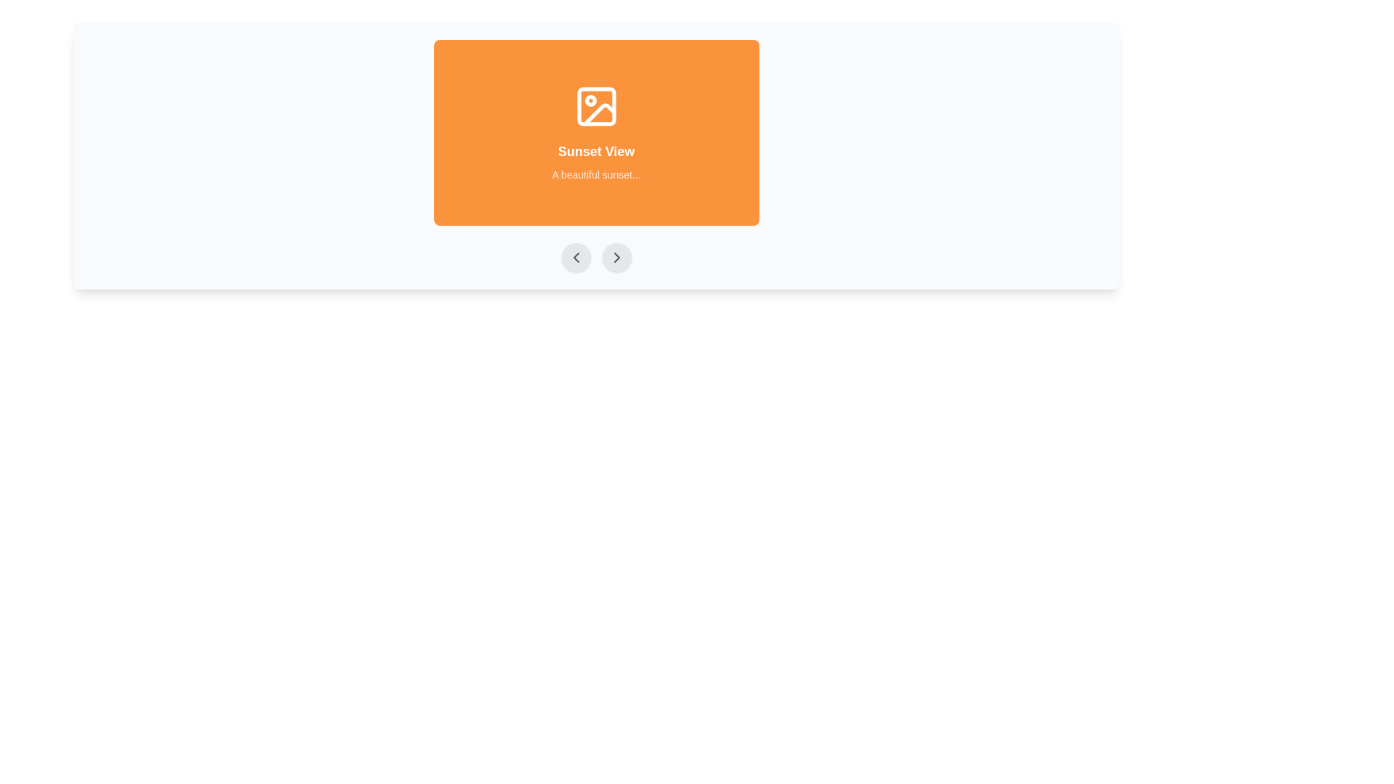 The height and width of the screenshot is (784, 1394). What do you see at coordinates (575, 256) in the screenshot?
I see `the arrow icon located inside the circular button to the left of the right-pointing arrow button beneath the 'Sunset View' image tile` at bounding box center [575, 256].